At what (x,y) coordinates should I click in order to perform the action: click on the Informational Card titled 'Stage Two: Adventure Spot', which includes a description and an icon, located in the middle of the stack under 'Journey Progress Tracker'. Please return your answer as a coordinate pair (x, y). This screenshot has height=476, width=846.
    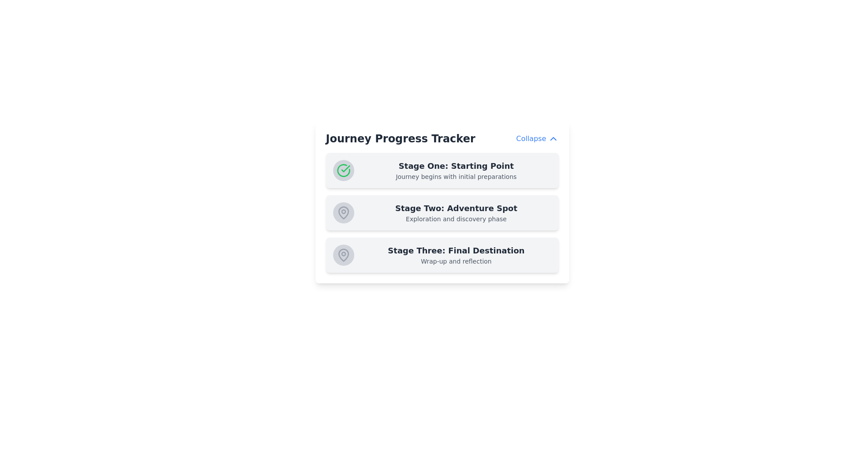
    Looking at the image, I should click on (442, 202).